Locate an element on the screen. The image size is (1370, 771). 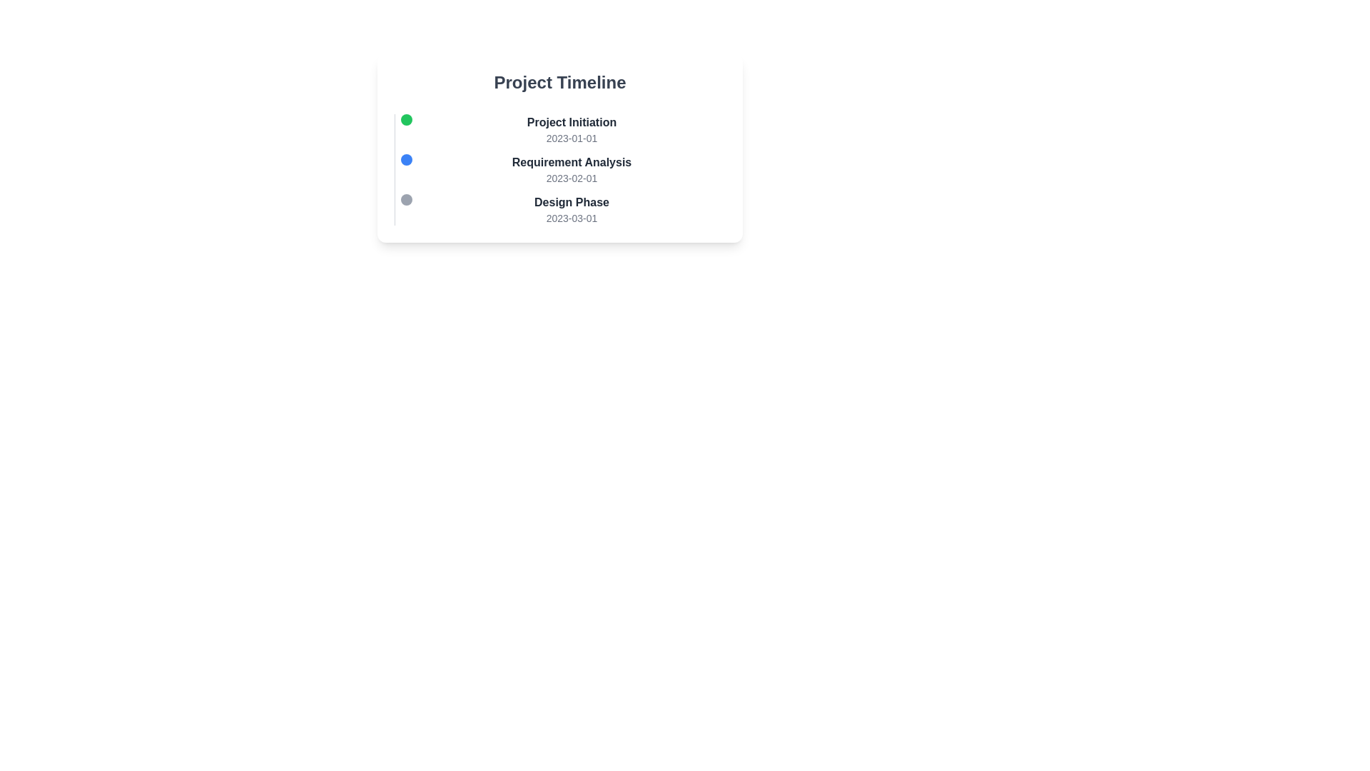
the List with items combining text and icons located under the 'Project Timeline' title, which consists of three items with bold titles and smaller gray dates, marked with circular indicators in green, blue, and gray is located at coordinates (559, 169).